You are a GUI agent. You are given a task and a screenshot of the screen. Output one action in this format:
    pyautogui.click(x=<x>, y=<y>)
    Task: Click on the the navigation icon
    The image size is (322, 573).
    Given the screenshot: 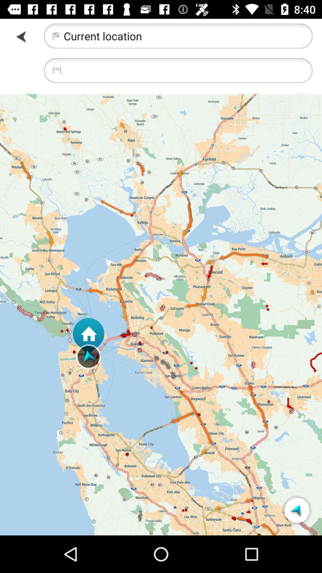 What is the action you would take?
    pyautogui.click(x=297, y=510)
    